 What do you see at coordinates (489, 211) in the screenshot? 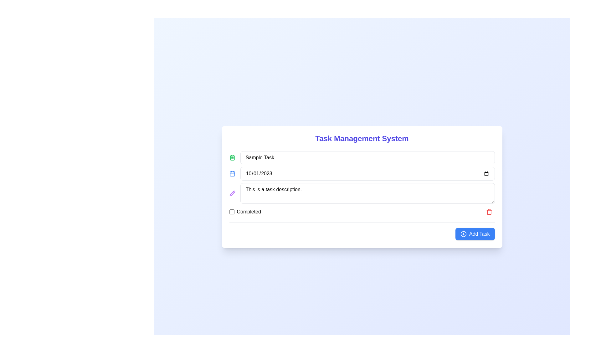
I see `the delete icon button located in the bottom-right corner of the task input area` at bounding box center [489, 211].